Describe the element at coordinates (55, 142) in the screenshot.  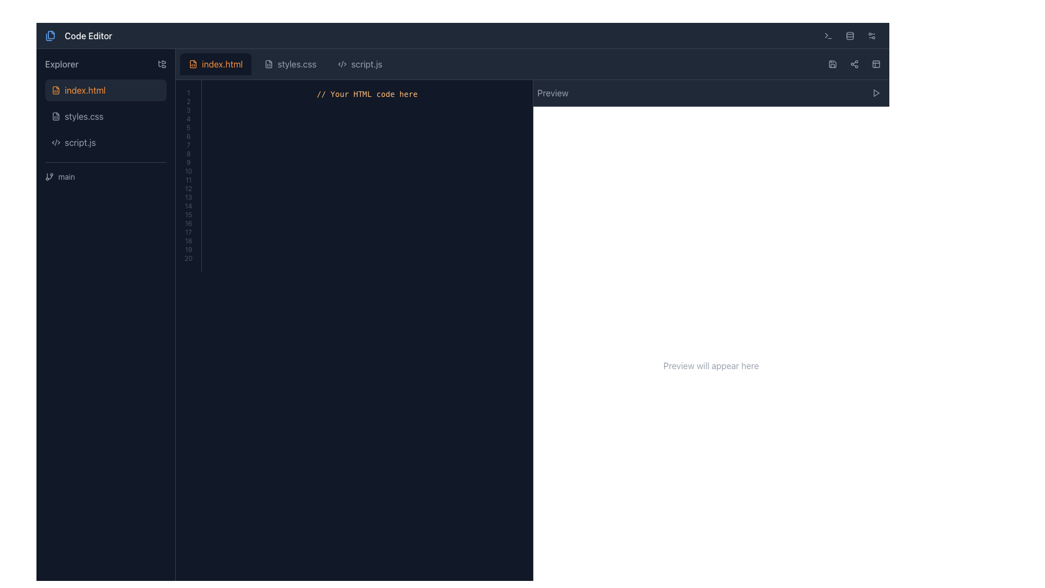
I see `the XML code icon located in the sidebar next to the 'script.js' label` at that location.